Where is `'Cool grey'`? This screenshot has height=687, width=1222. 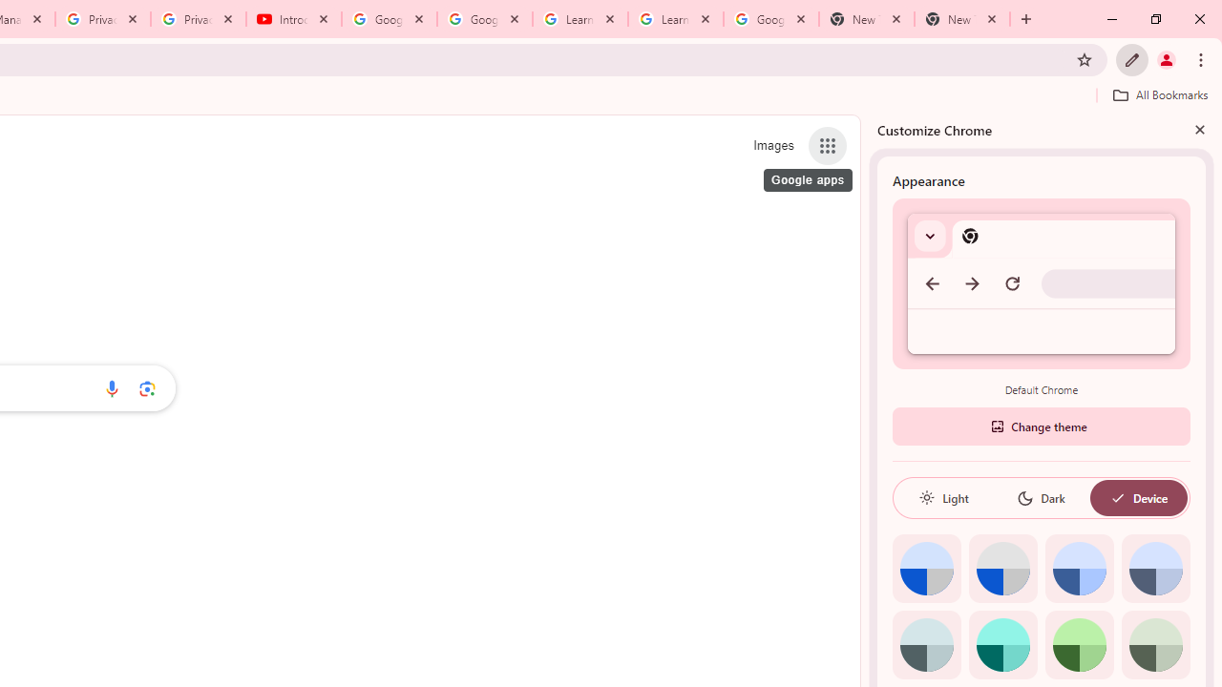 'Cool grey' is located at coordinates (1154, 568).